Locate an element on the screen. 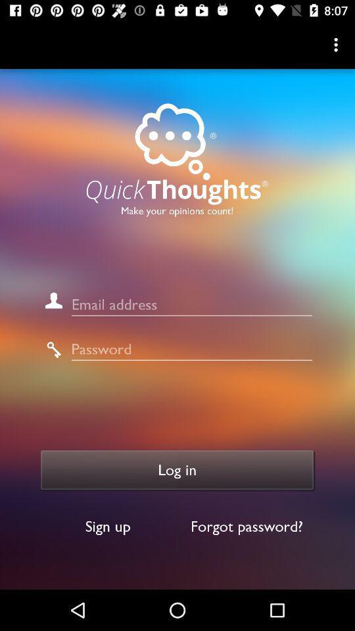  item at the top right corner is located at coordinates (337, 45).